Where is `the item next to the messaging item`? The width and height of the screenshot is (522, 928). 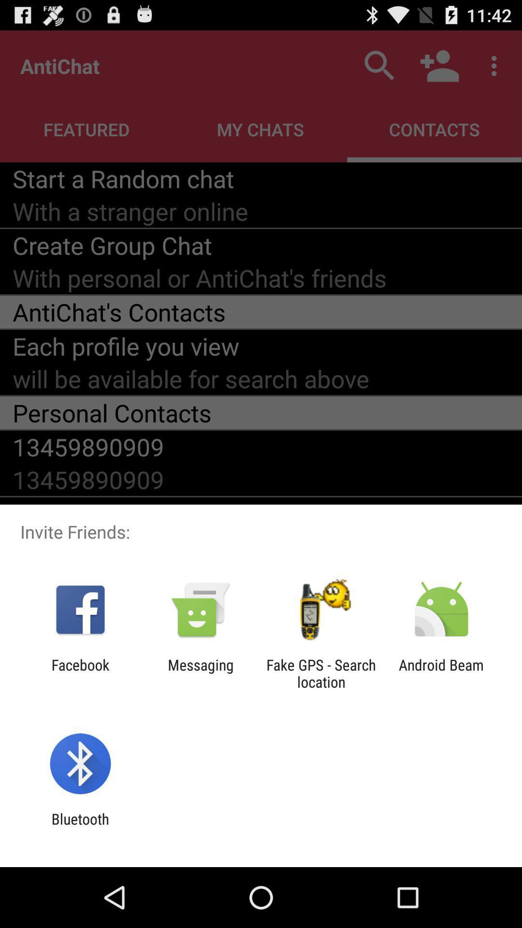
the item next to the messaging item is located at coordinates (321, 673).